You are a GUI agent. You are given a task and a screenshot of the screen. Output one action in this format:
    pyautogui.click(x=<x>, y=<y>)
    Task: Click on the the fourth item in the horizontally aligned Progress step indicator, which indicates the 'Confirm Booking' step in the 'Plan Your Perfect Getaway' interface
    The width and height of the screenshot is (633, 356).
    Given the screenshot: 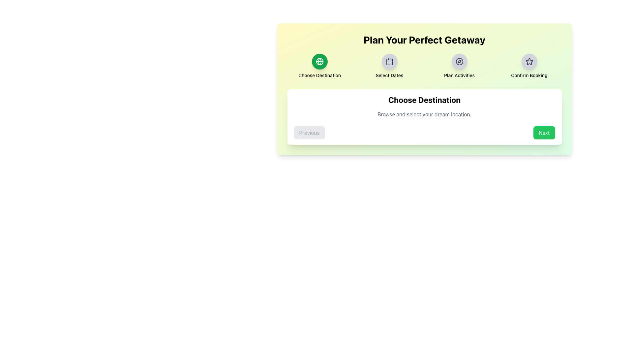 What is the action you would take?
    pyautogui.click(x=529, y=66)
    